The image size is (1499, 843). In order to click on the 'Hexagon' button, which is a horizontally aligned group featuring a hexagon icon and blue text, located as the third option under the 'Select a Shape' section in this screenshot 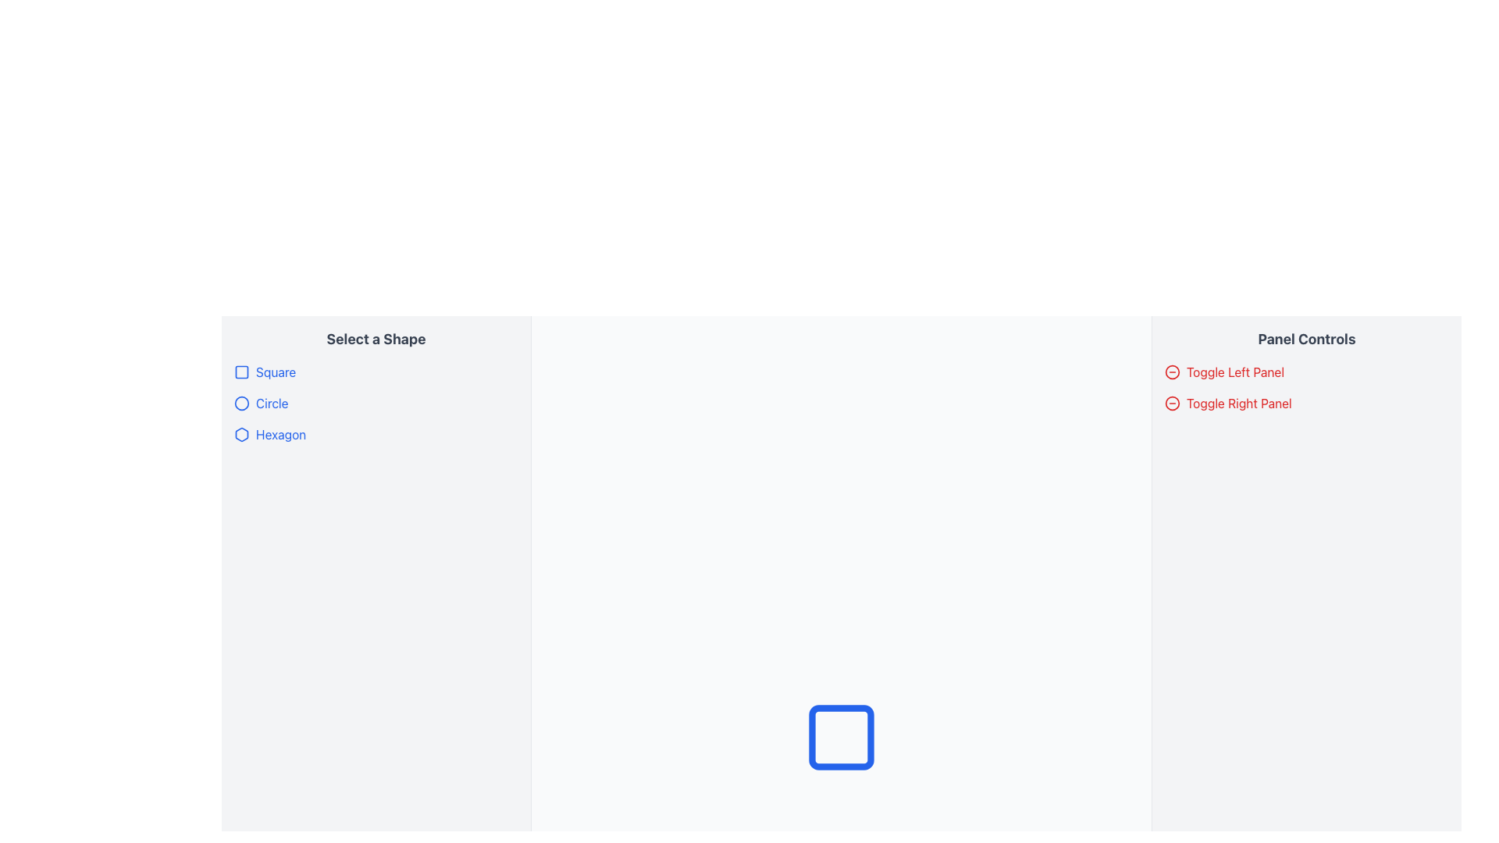, I will do `click(269, 434)`.